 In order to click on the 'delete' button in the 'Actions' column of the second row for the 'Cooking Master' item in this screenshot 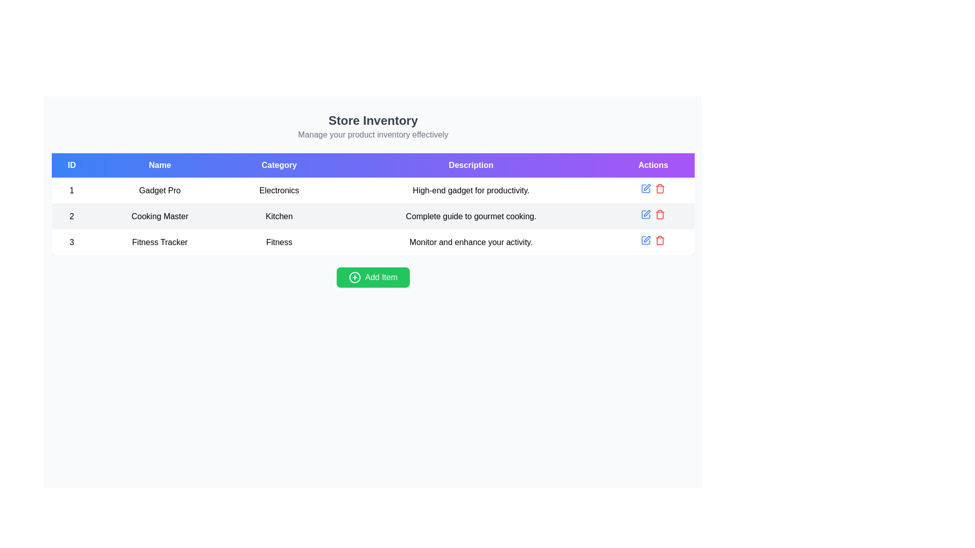, I will do `click(660, 214)`.